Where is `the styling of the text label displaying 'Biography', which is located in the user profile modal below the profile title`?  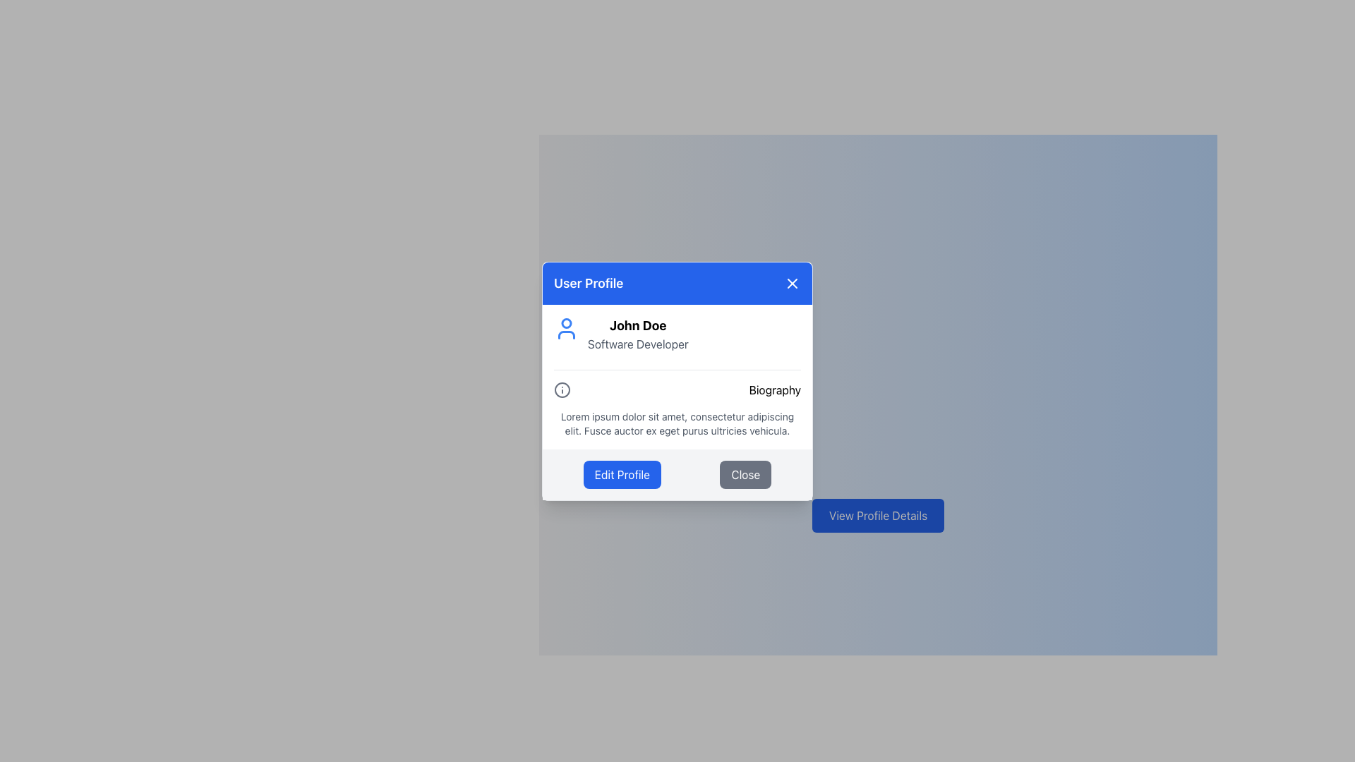
the styling of the text label displaying 'Biography', which is located in the user profile modal below the profile title is located at coordinates (774, 389).